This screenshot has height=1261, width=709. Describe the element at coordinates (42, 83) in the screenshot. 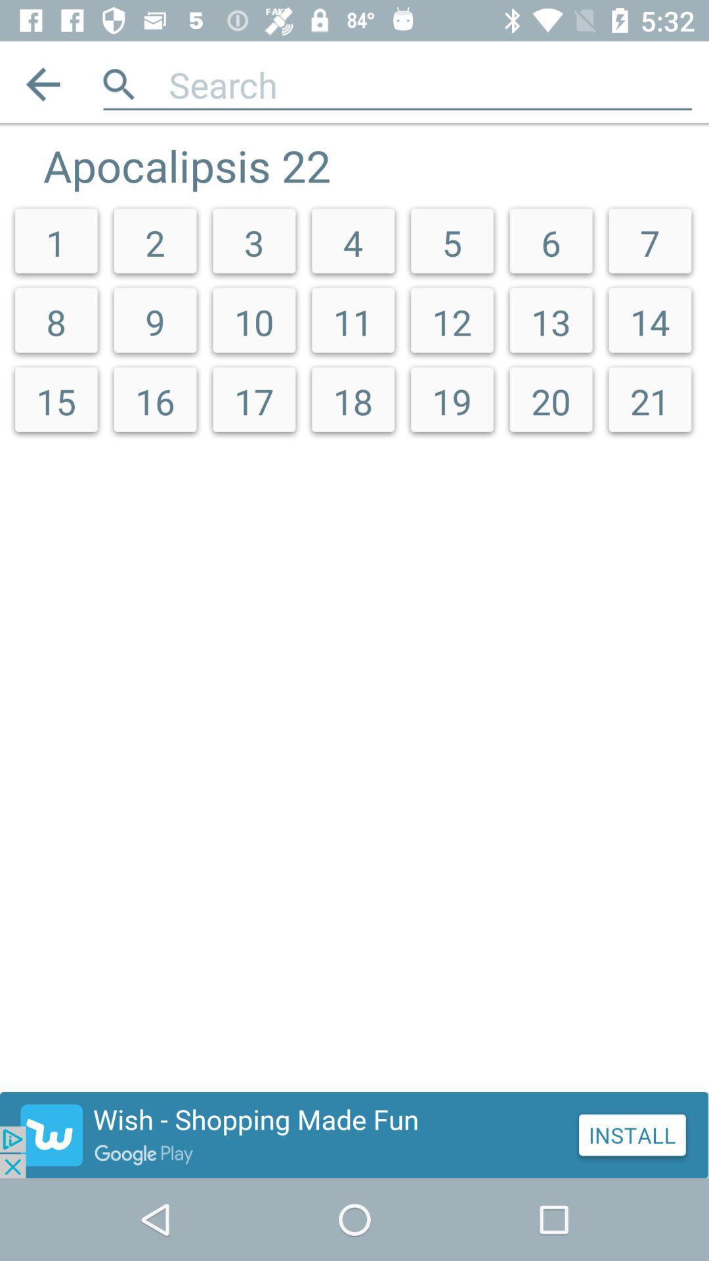

I see `go back` at that location.